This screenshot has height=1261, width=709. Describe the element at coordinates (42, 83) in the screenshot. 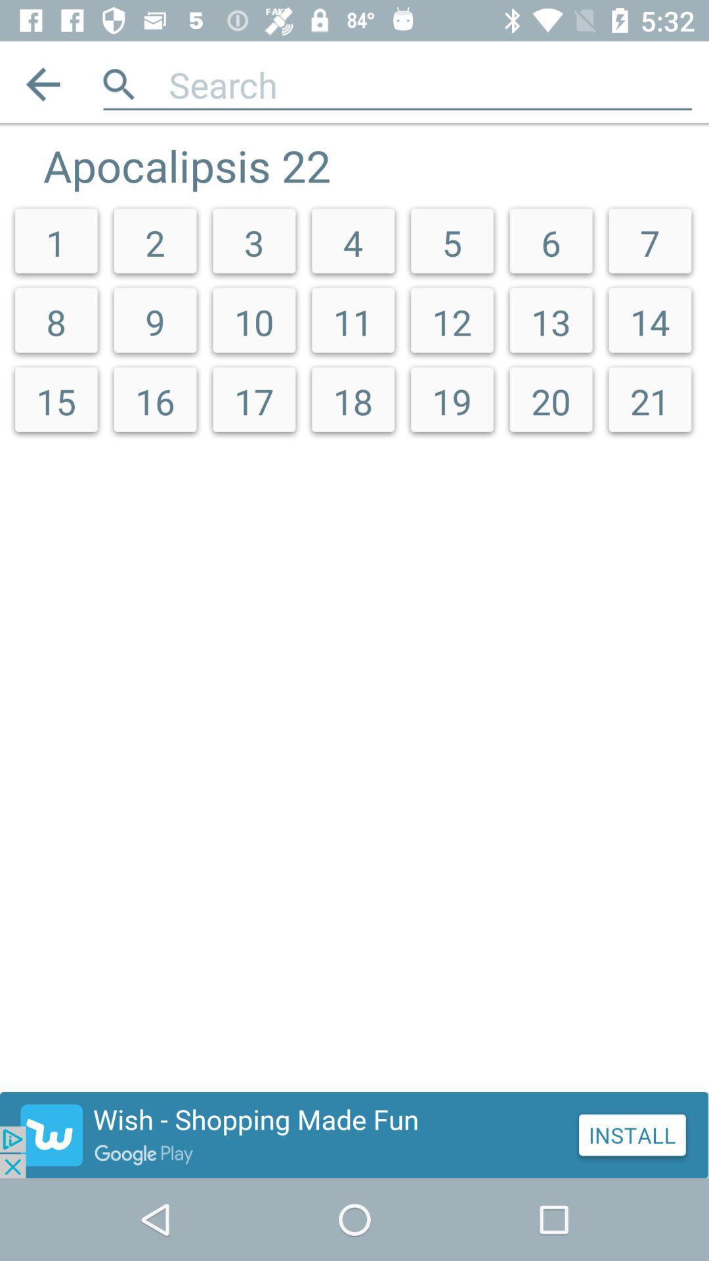

I see `go back` at that location.